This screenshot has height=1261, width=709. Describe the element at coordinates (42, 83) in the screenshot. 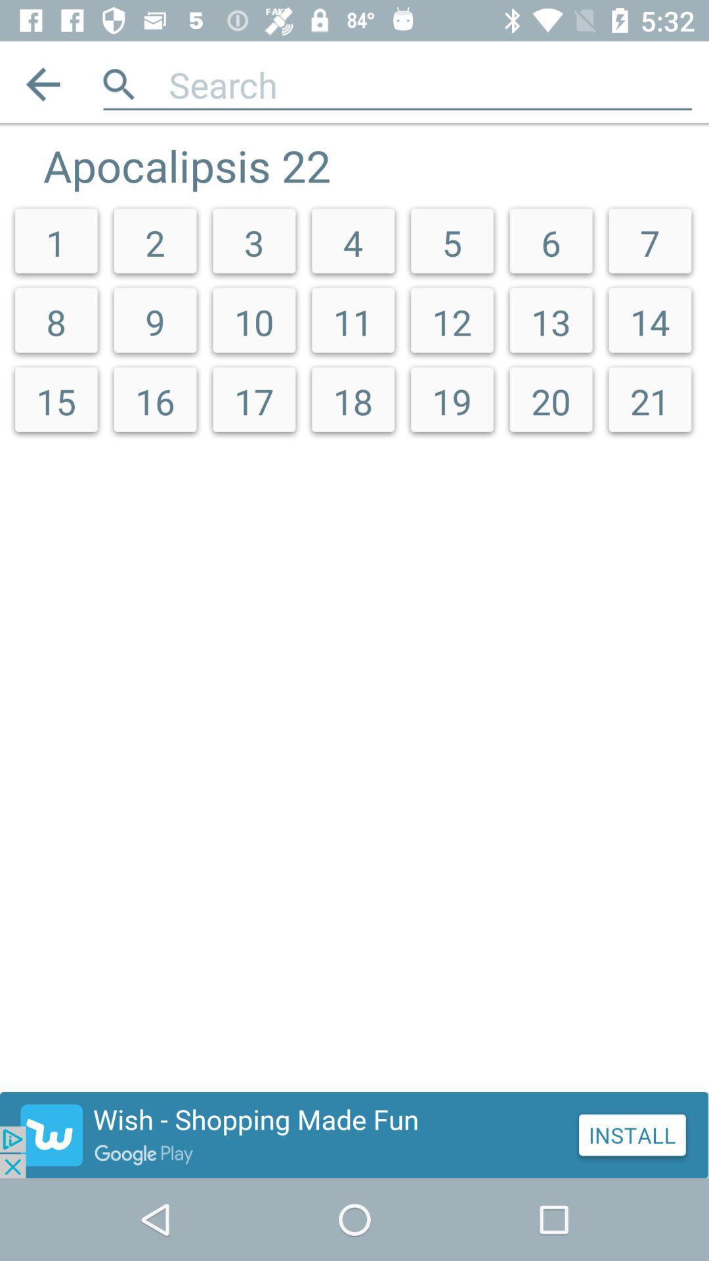

I see `go back` at that location.